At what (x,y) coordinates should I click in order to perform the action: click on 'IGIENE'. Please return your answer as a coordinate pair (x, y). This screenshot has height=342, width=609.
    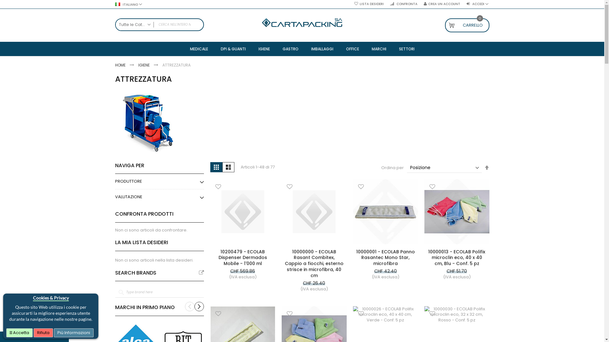
    Looking at the image, I should click on (144, 65).